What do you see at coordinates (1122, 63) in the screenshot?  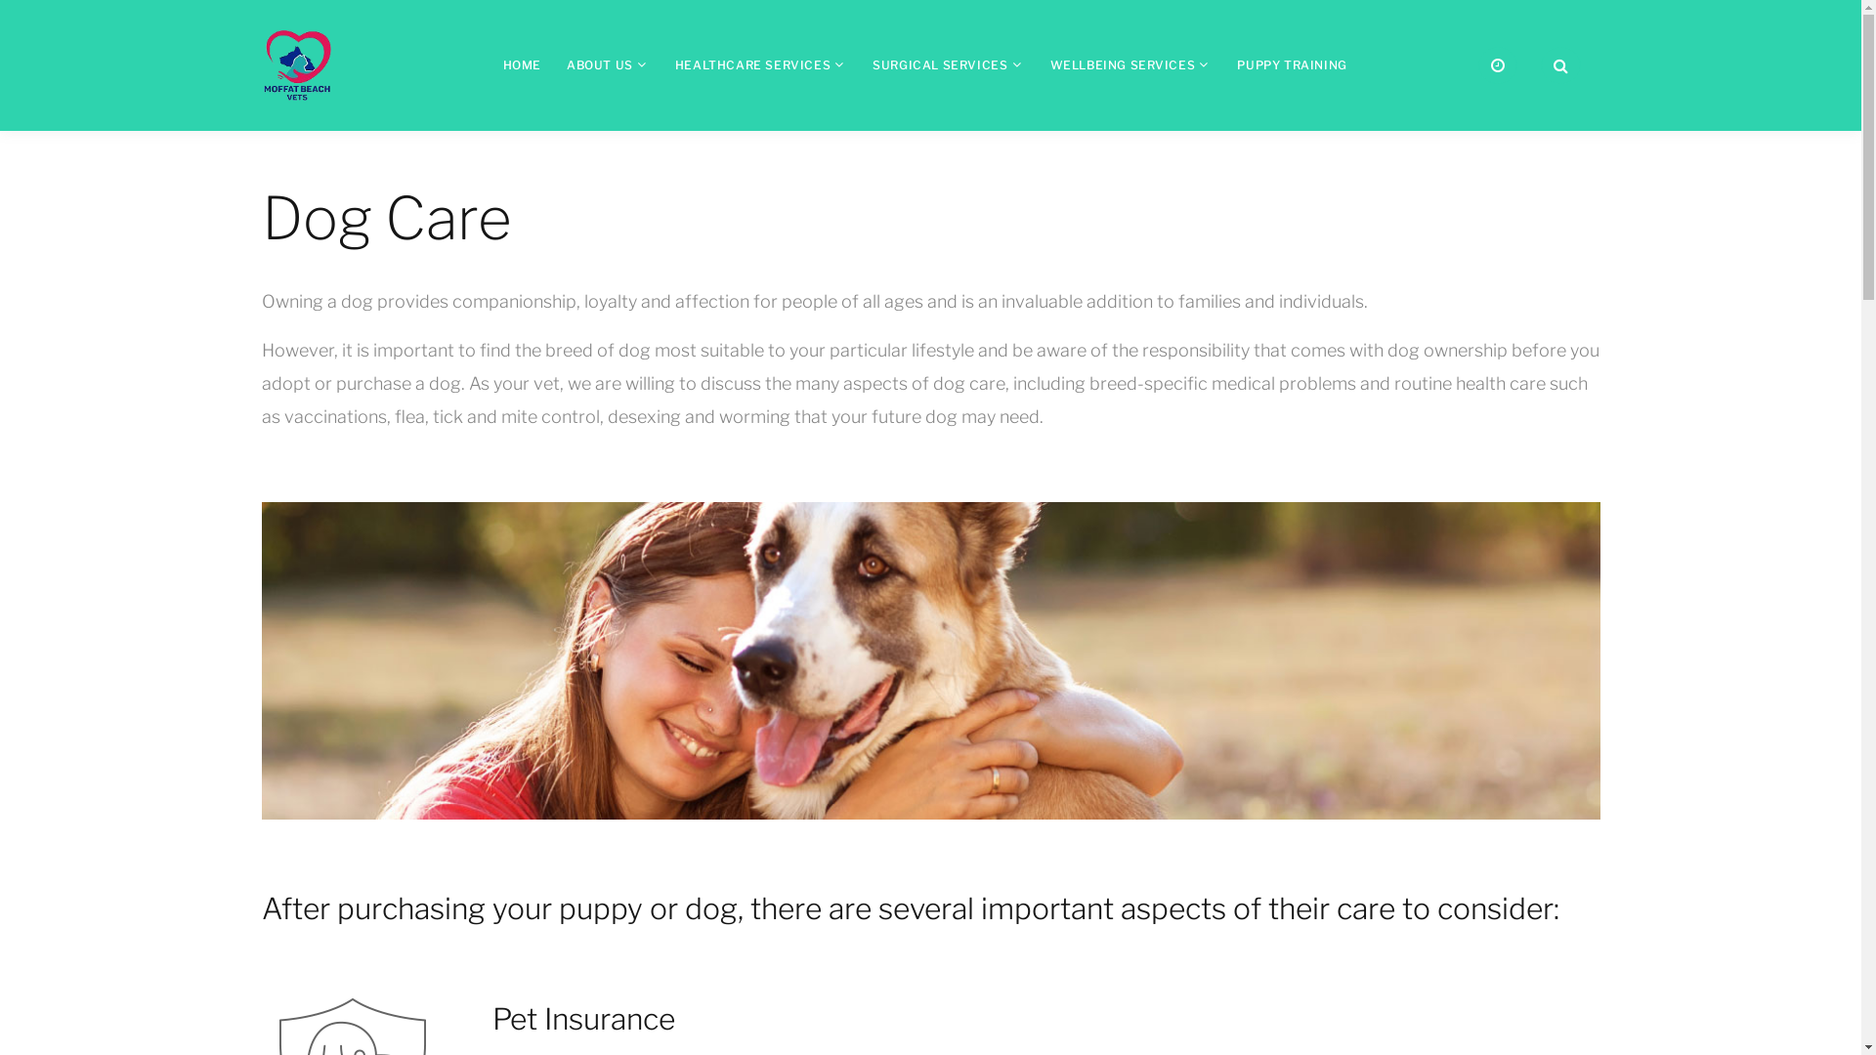 I see `'WELLBEING SERVICES'` at bounding box center [1122, 63].